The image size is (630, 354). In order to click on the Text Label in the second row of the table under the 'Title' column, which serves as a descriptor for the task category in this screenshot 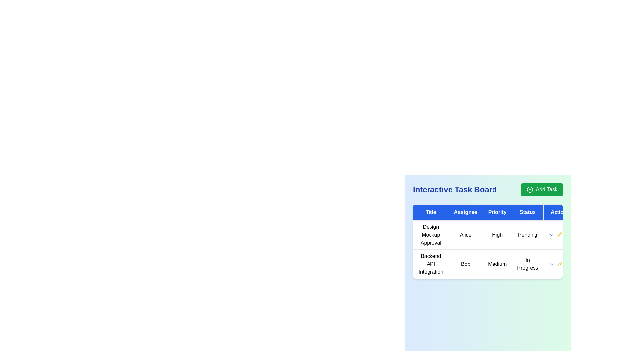, I will do `click(431, 264)`.